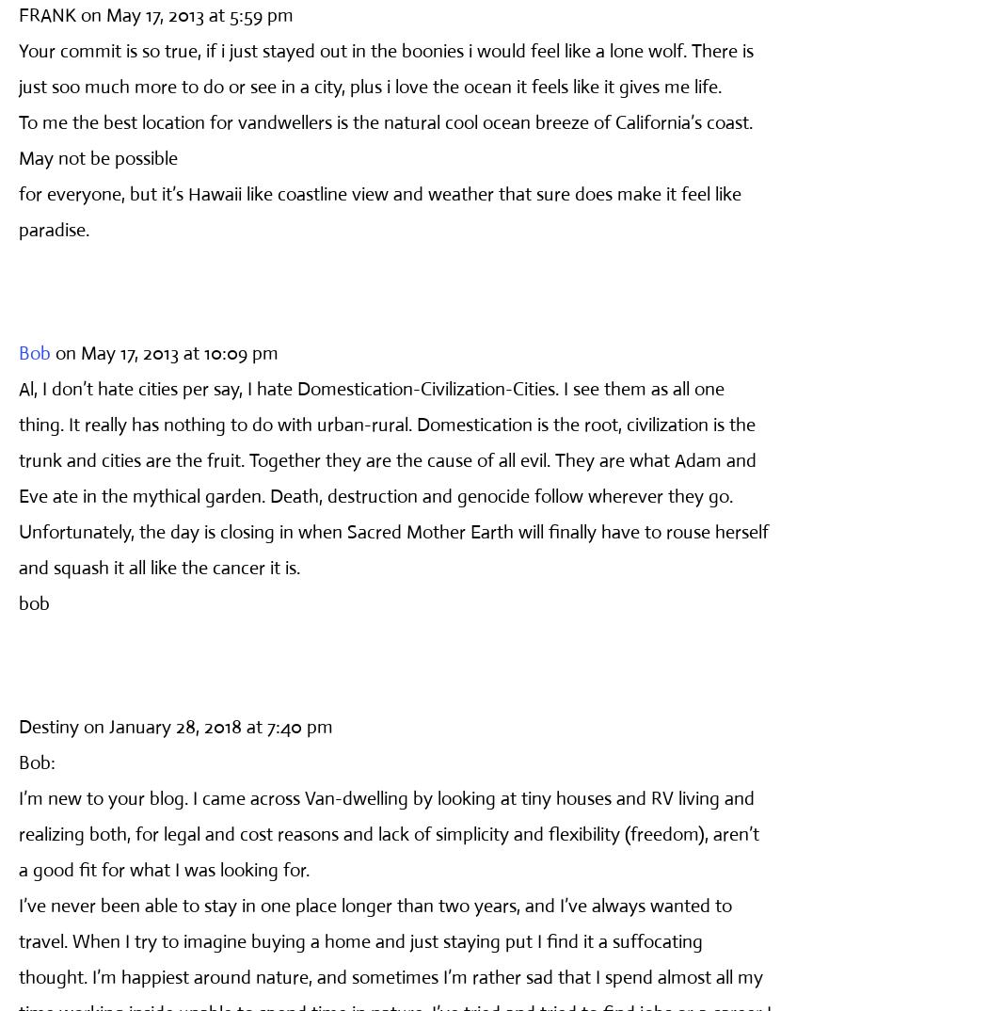  What do you see at coordinates (392, 548) in the screenshot?
I see `'Unfortunately, the day is closing in when Sacred Mother Earth will finally have to rouse herself and squash it all like the cancer it is.'` at bounding box center [392, 548].